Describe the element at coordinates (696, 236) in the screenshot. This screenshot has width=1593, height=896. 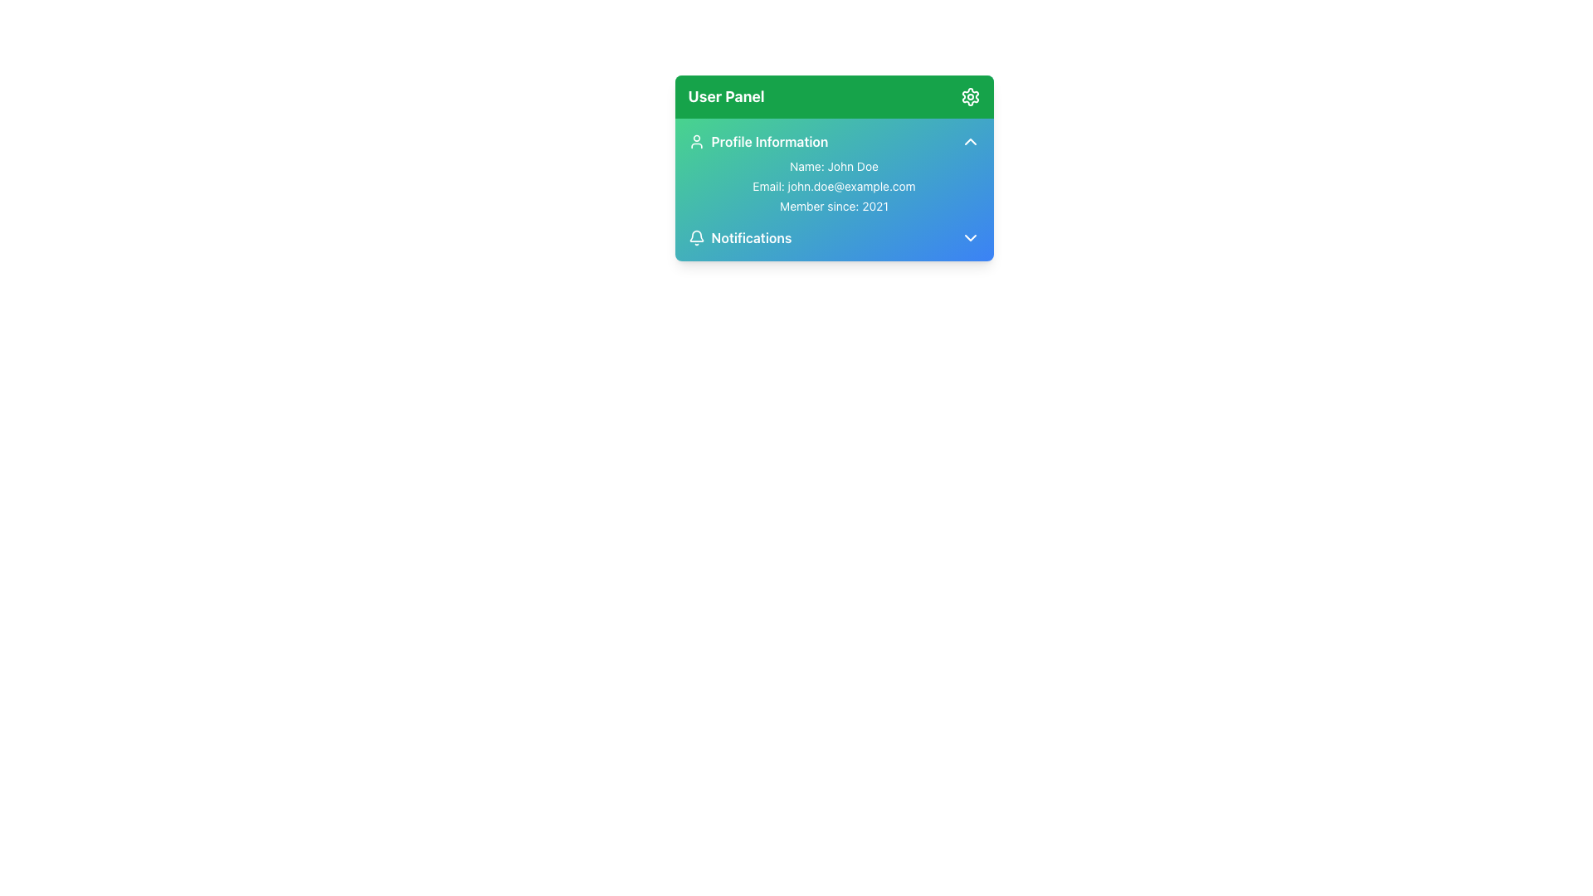
I see `the bell-shaped icon in the 'Notifications' section` at that location.